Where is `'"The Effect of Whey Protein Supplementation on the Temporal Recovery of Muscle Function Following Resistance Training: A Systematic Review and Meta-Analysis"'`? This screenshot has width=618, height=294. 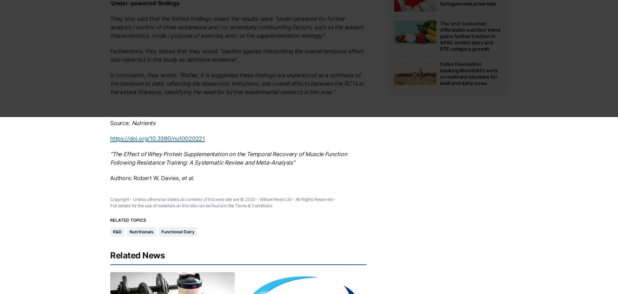
'"The Effect of Whey Protein Supplementation on the Temporal Recovery of Muscle Function Following Resistance Training: A Systematic Review and Meta-Analysis"' is located at coordinates (228, 158).